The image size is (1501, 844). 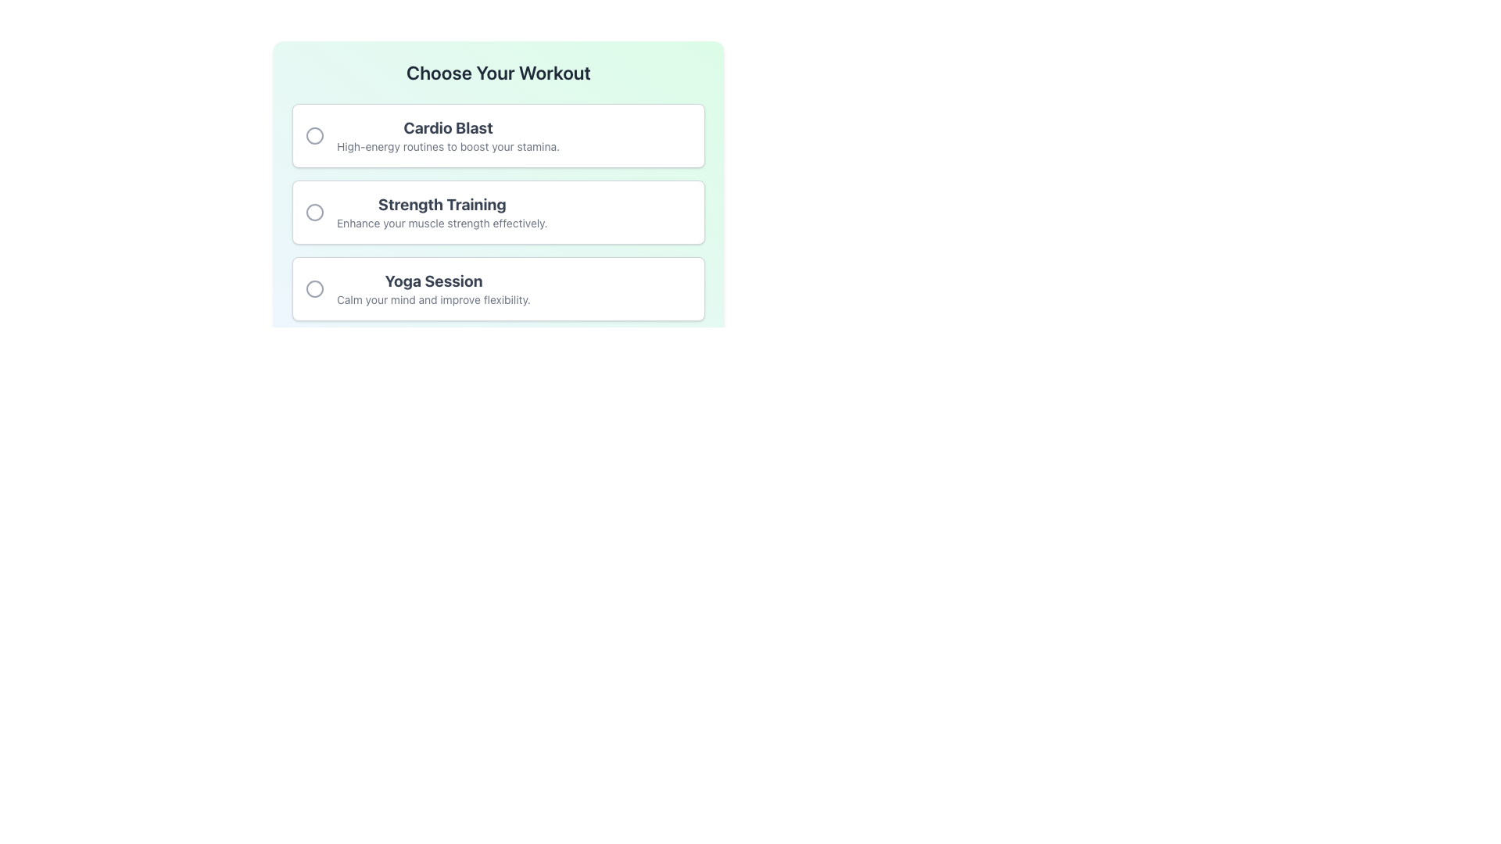 What do you see at coordinates (498, 134) in the screenshot?
I see `the 'Cardio Blast' selectable card` at bounding box center [498, 134].